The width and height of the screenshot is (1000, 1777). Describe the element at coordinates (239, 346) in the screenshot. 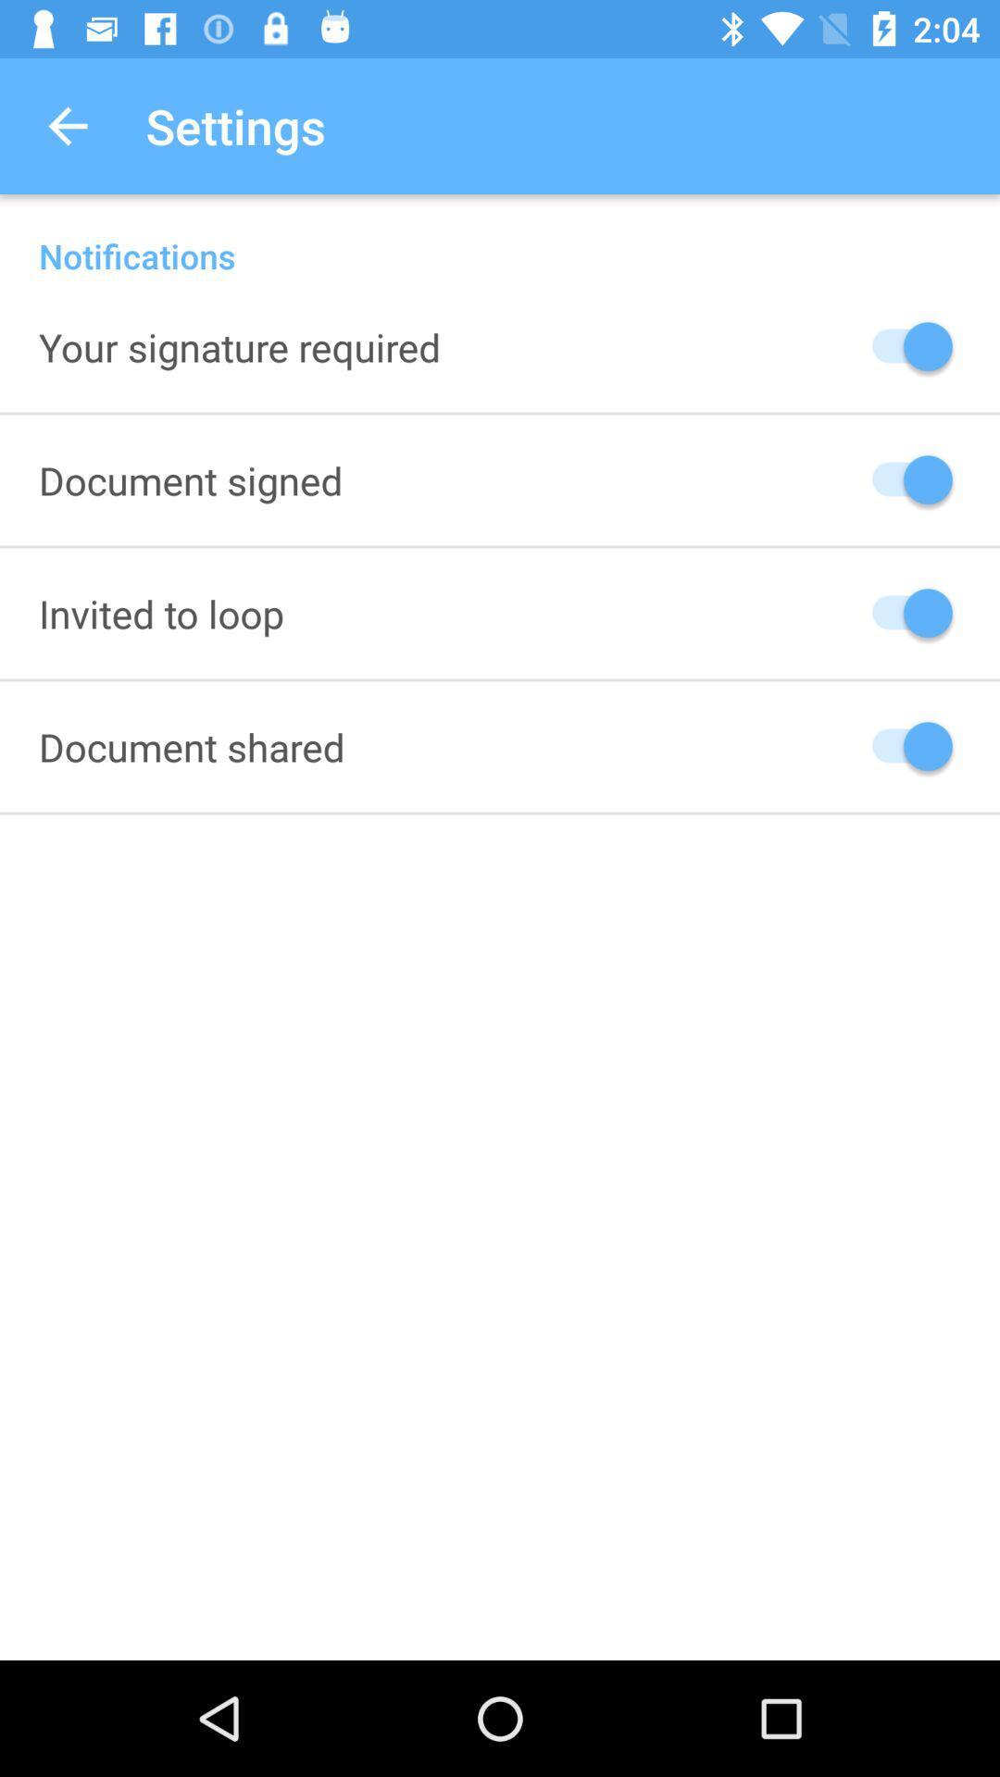

I see `your signature required icon` at that location.